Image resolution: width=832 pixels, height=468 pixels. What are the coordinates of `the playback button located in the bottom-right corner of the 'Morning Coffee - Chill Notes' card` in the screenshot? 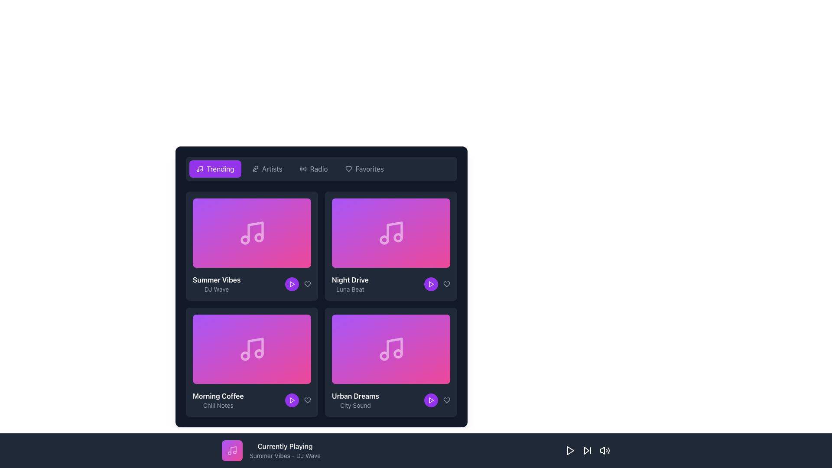 It's located at (292, 400).